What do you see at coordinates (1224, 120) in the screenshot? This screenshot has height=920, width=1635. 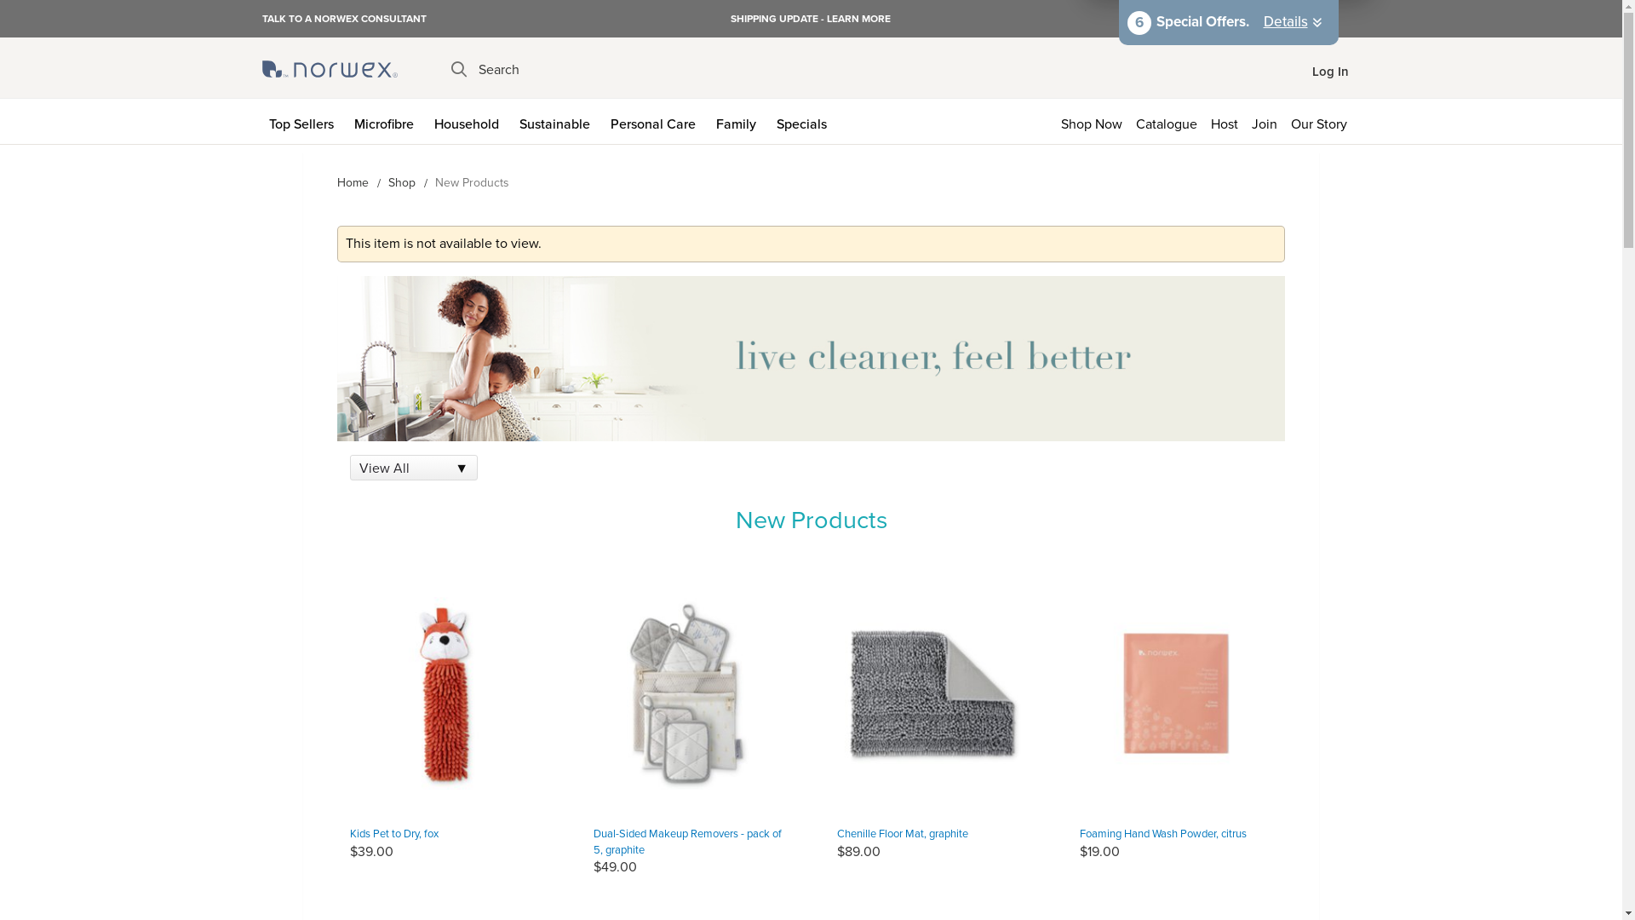 I see `'Host'` at bounding box center [1224, 120].